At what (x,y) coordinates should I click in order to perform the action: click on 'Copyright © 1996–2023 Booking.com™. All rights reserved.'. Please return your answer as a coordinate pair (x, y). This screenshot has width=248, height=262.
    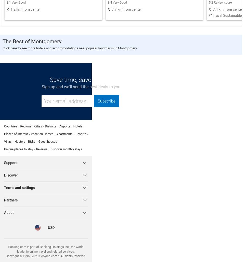
    Looking at the image, I should click on (46, 256).